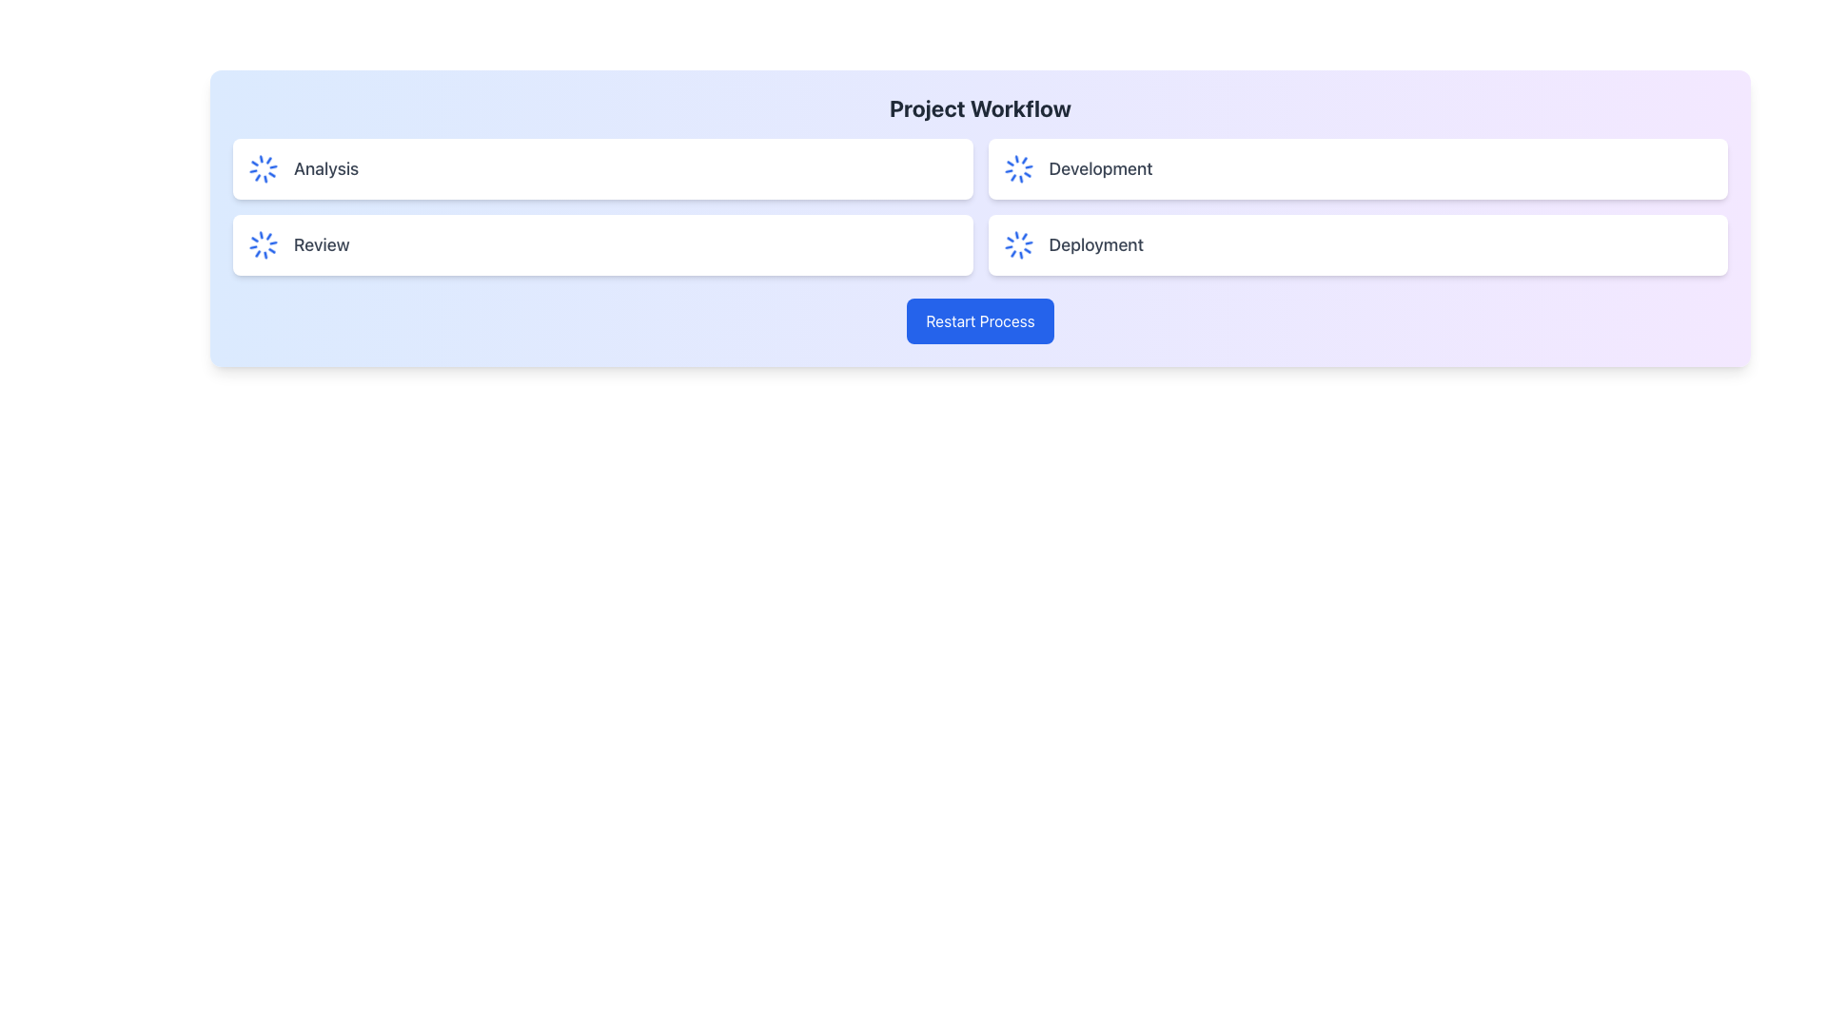 The height and width of the screenshot is (1027, 1827). I want to click on text label 'Review' located in the bottom row of the interface, which indicates the purpose of the associated card in the workflow, so click(322, 244).